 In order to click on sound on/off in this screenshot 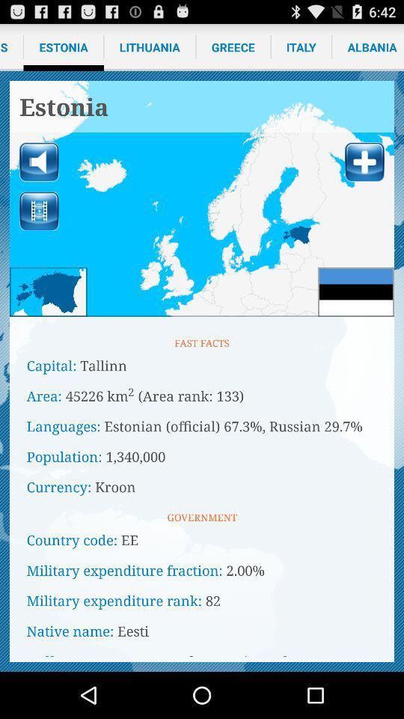, I will do `click(39, 162)`.